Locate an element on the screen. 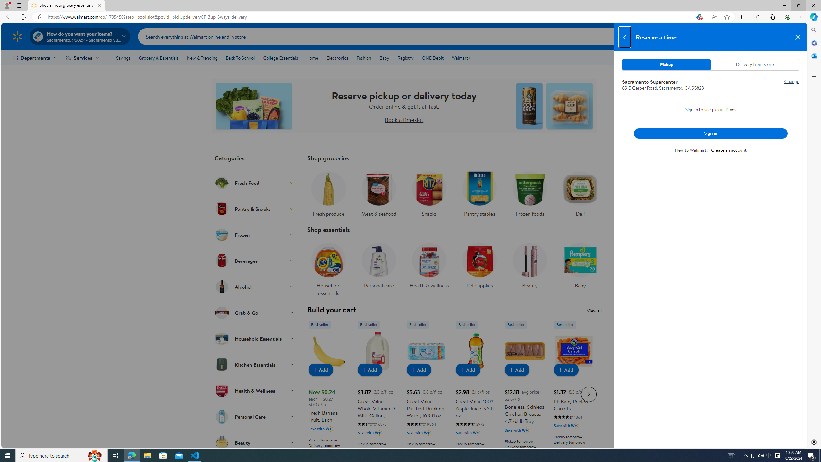  'Great Value 100% Apple Juice, 96 fl oz' is located at coordinates (476, 393).